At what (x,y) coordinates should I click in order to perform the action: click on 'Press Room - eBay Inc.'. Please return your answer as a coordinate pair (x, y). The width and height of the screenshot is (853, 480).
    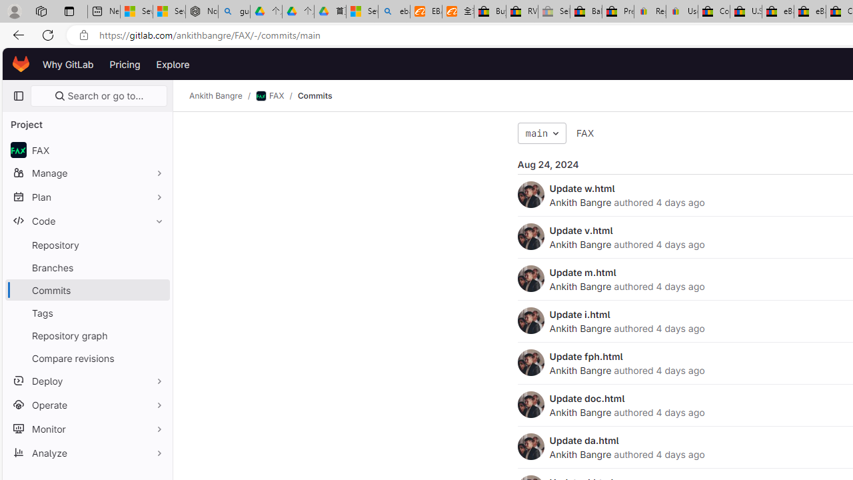
    Looking at the image, I should click on (617, 11).